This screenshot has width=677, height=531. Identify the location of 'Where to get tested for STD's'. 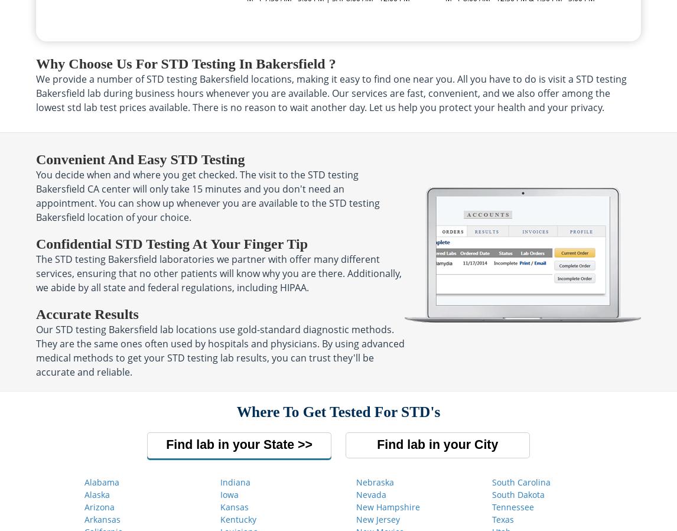
(337, 411).